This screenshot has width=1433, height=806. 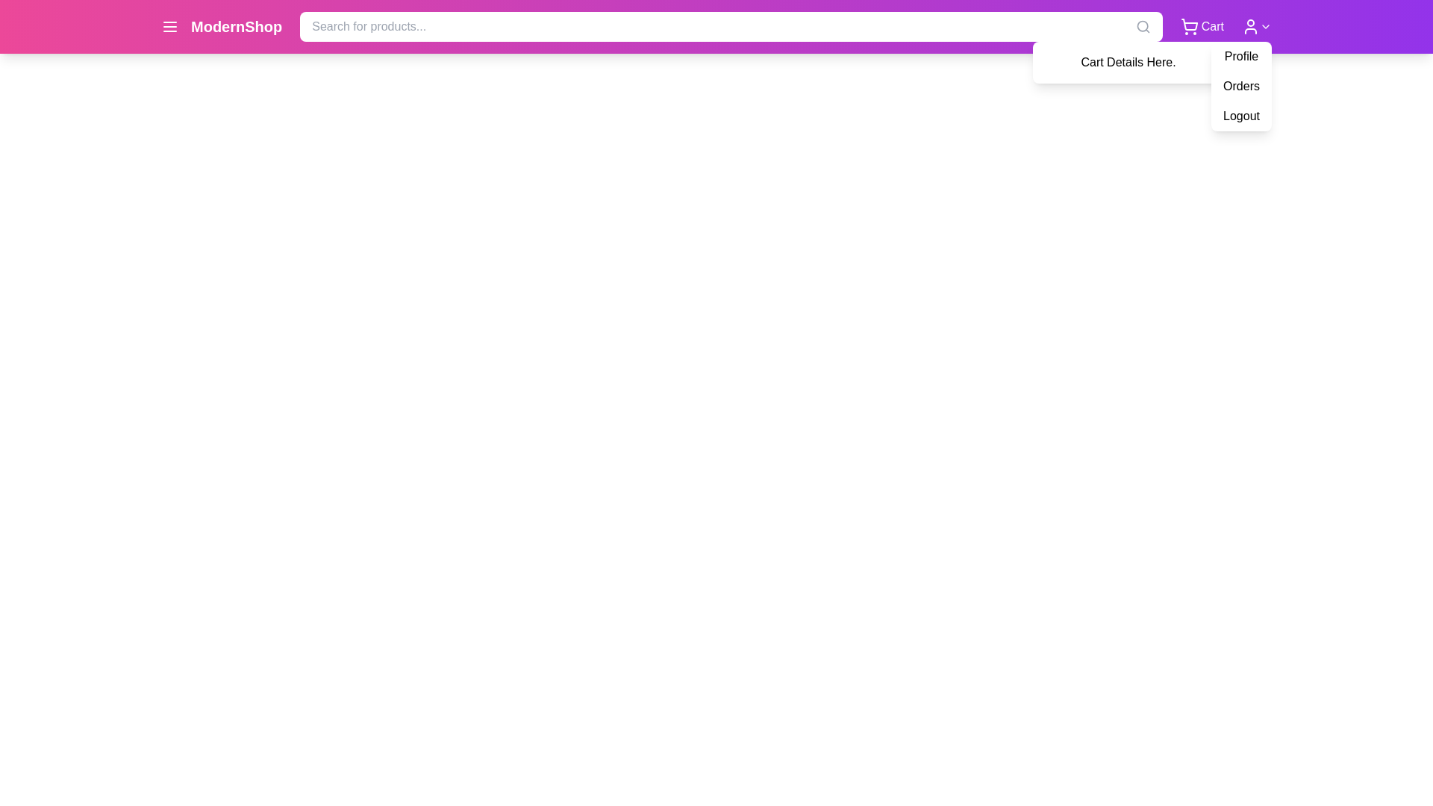 I want to click on the text label located in the top-right corner of the navigation bar, adjacent, so click(x=1212, y=26).